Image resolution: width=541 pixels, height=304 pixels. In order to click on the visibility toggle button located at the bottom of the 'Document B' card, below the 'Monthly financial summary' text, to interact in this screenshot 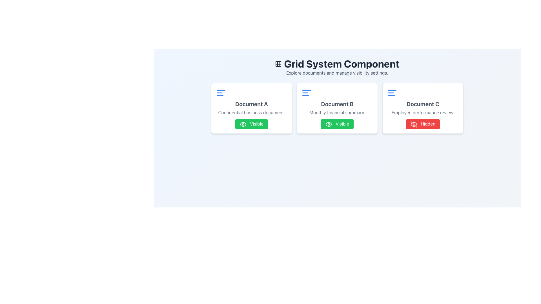, I will do `click(337, 124)`.